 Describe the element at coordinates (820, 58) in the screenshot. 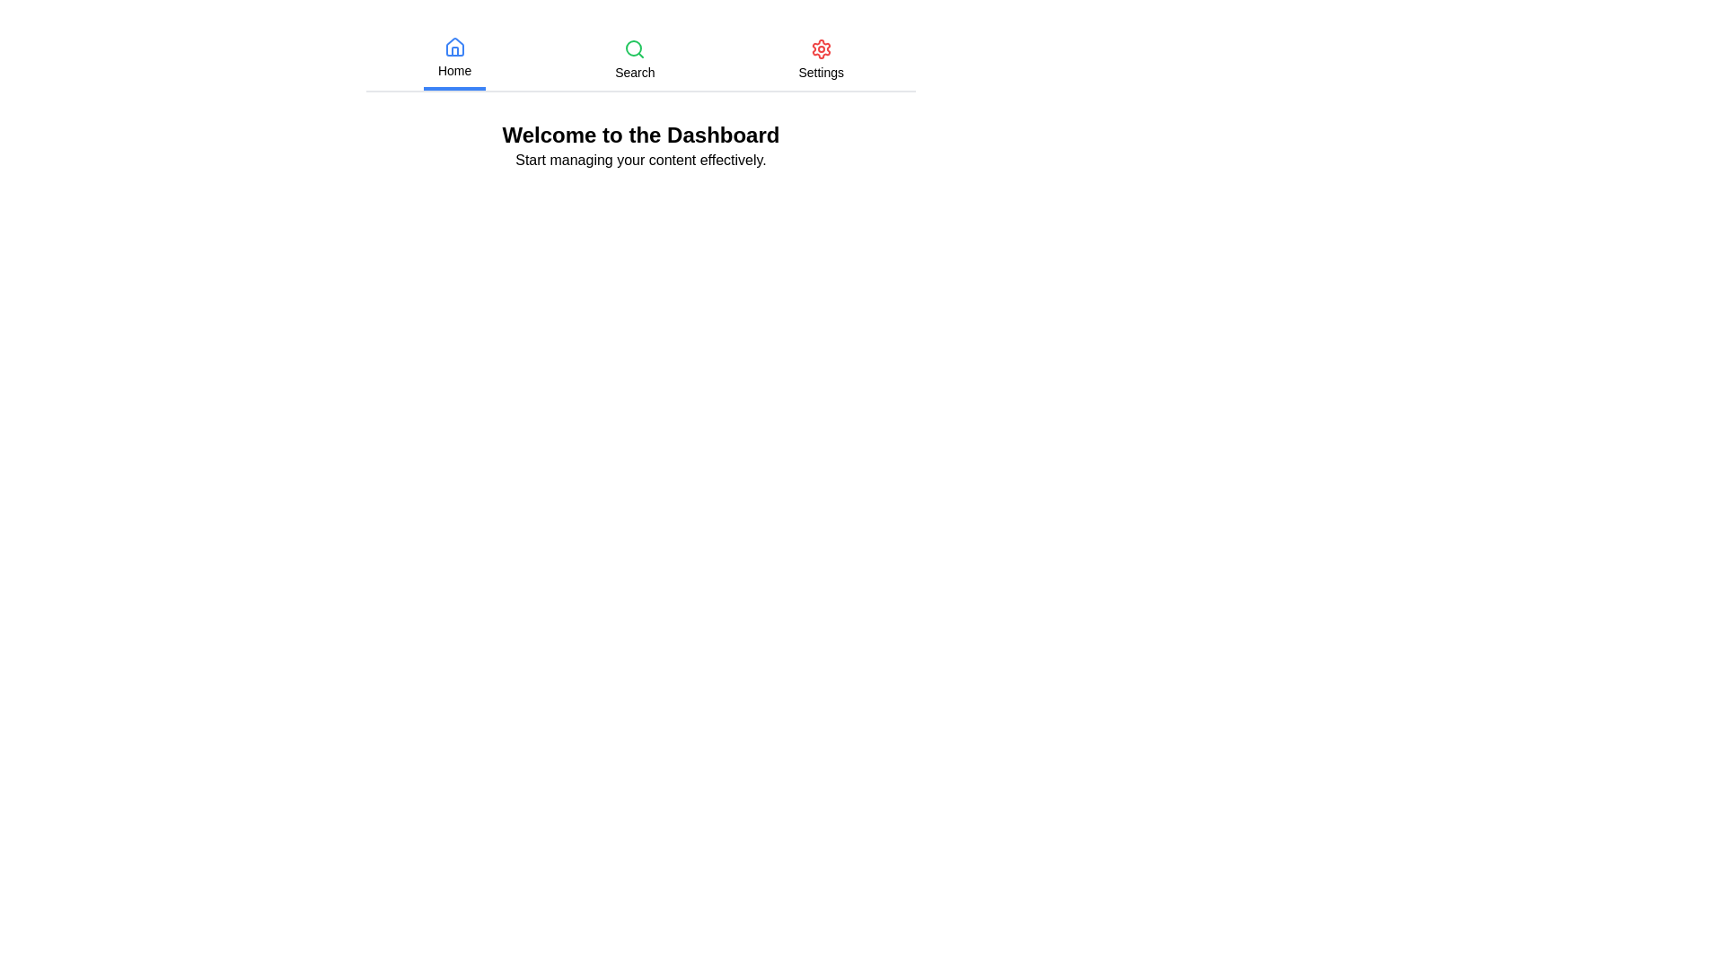

I see `the Settings tab by clicking on the respective tab button` at that location.